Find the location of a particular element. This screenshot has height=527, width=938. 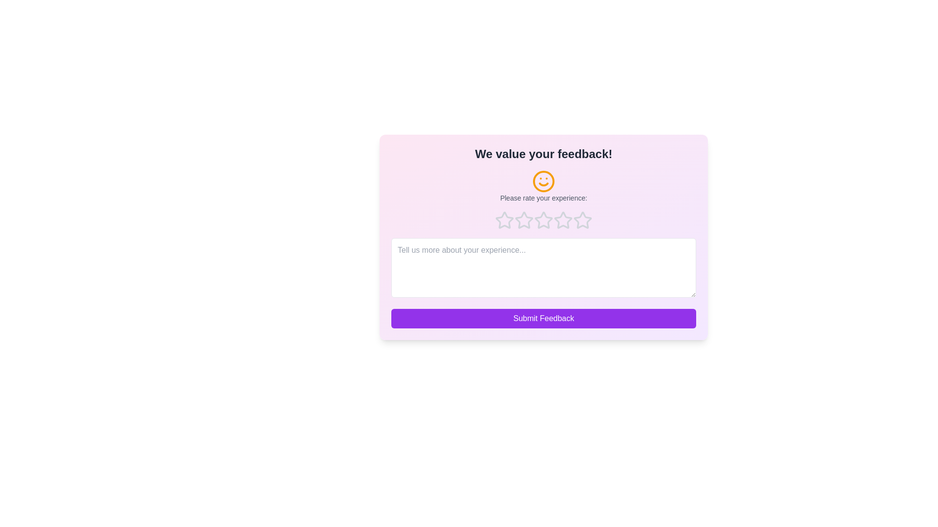

the third star in the star rating system under the label 'Please rate your experience' is located at coordinates (543, 220).